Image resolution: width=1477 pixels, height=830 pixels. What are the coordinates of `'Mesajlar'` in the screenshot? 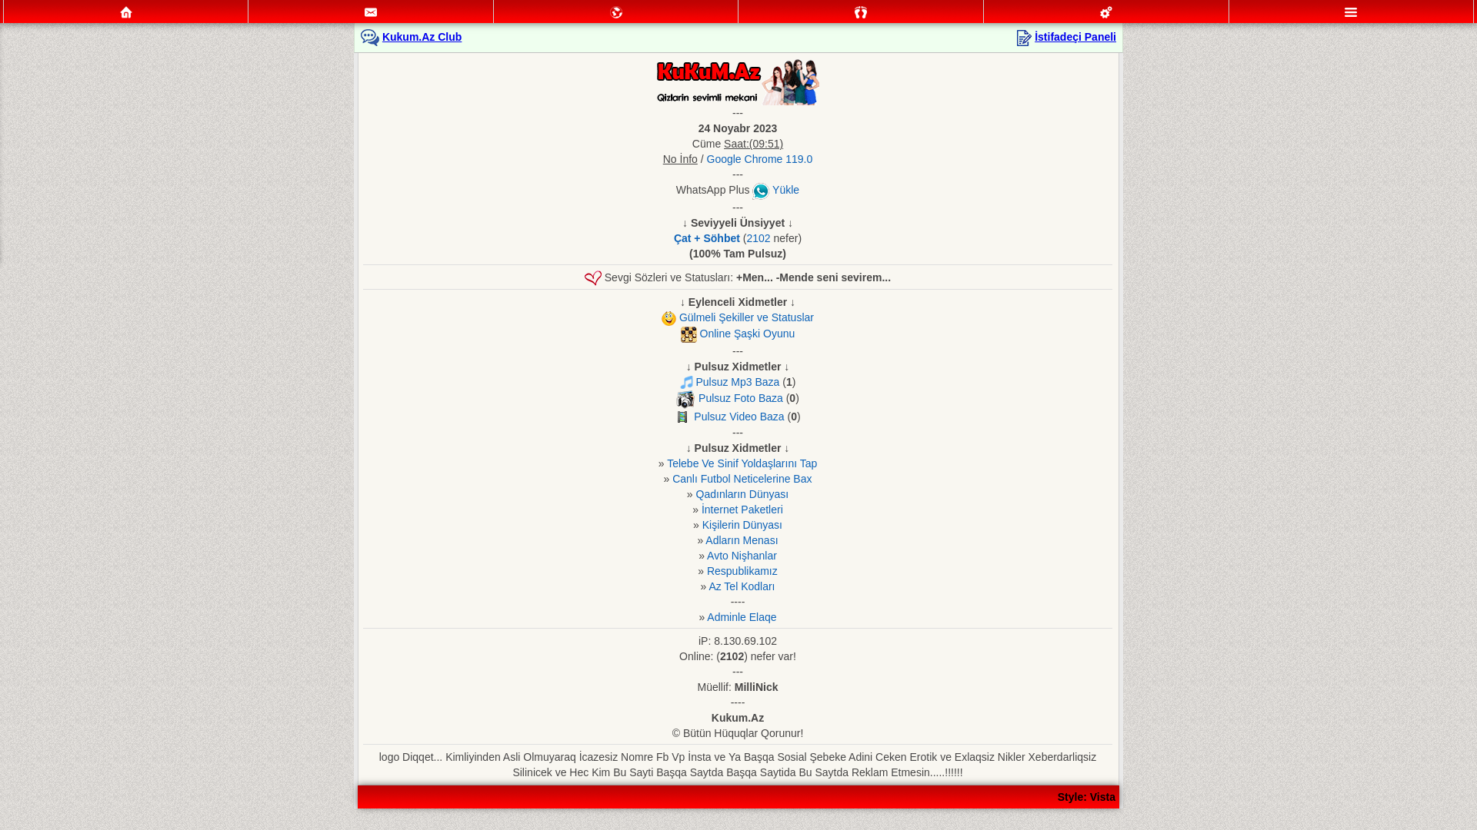 It's located at (364, 12).